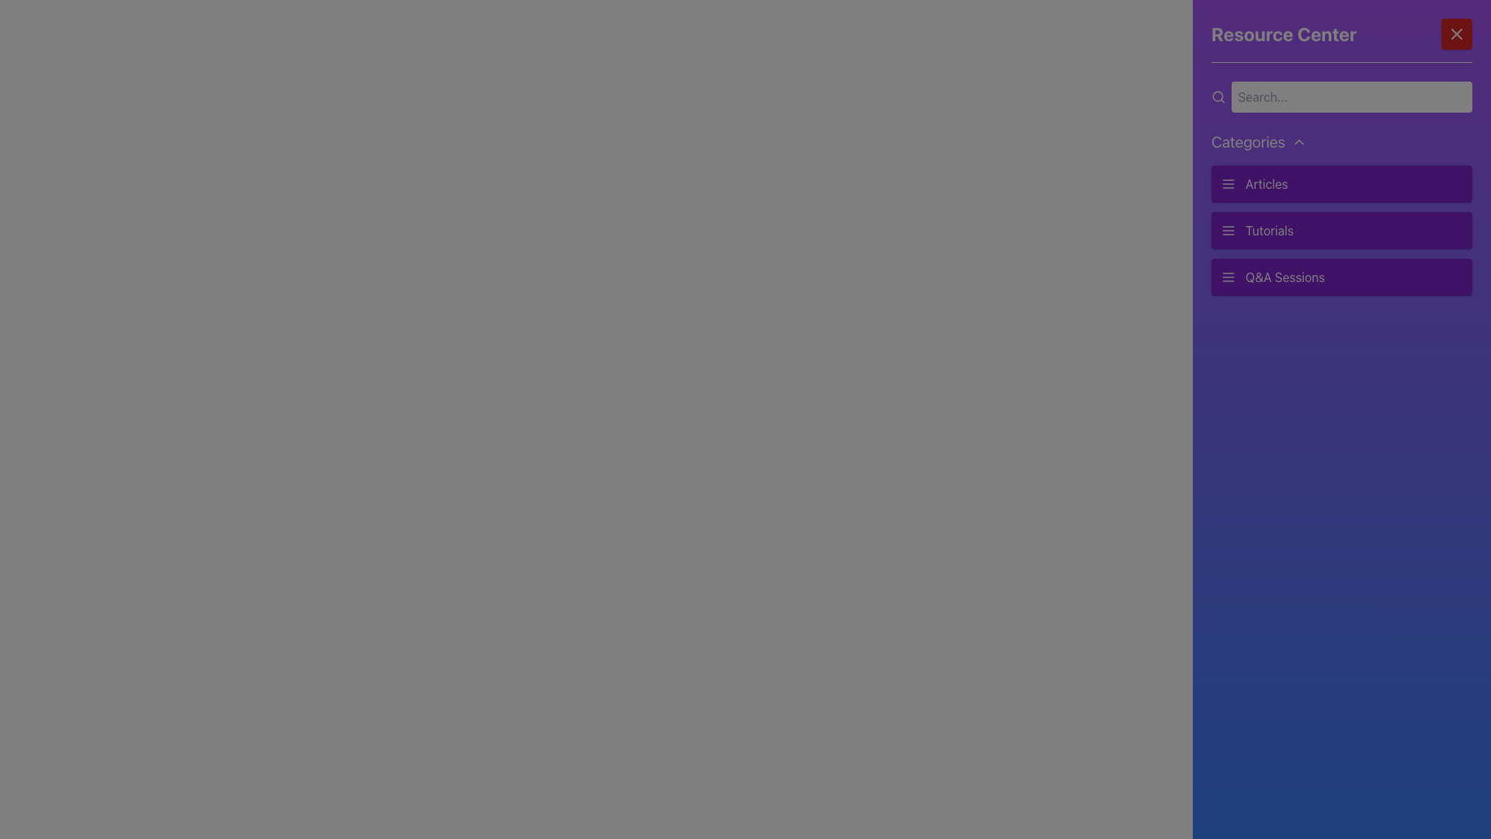 The height and width of the screenshot is (839, 1491). Describe the element at coordinates (1341, 277) in the screenshot. I see `the clickable list item with a purple background labeled 'Q&A Sessions'` at that location.